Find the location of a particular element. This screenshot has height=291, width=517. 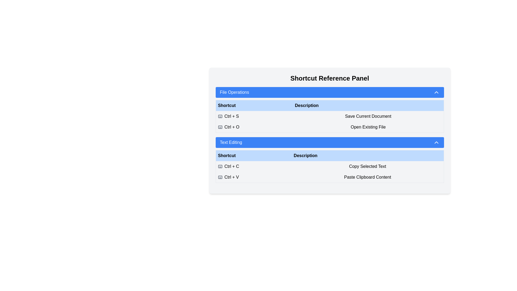

the text label 'File Operations' in the blue bar that indicates the title for the collapsible section of file operations shortcuts is located at coordinates (234, 92).